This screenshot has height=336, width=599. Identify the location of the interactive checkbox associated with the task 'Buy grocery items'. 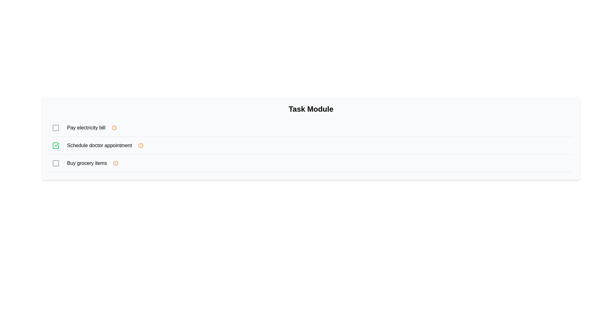
(56, 163).